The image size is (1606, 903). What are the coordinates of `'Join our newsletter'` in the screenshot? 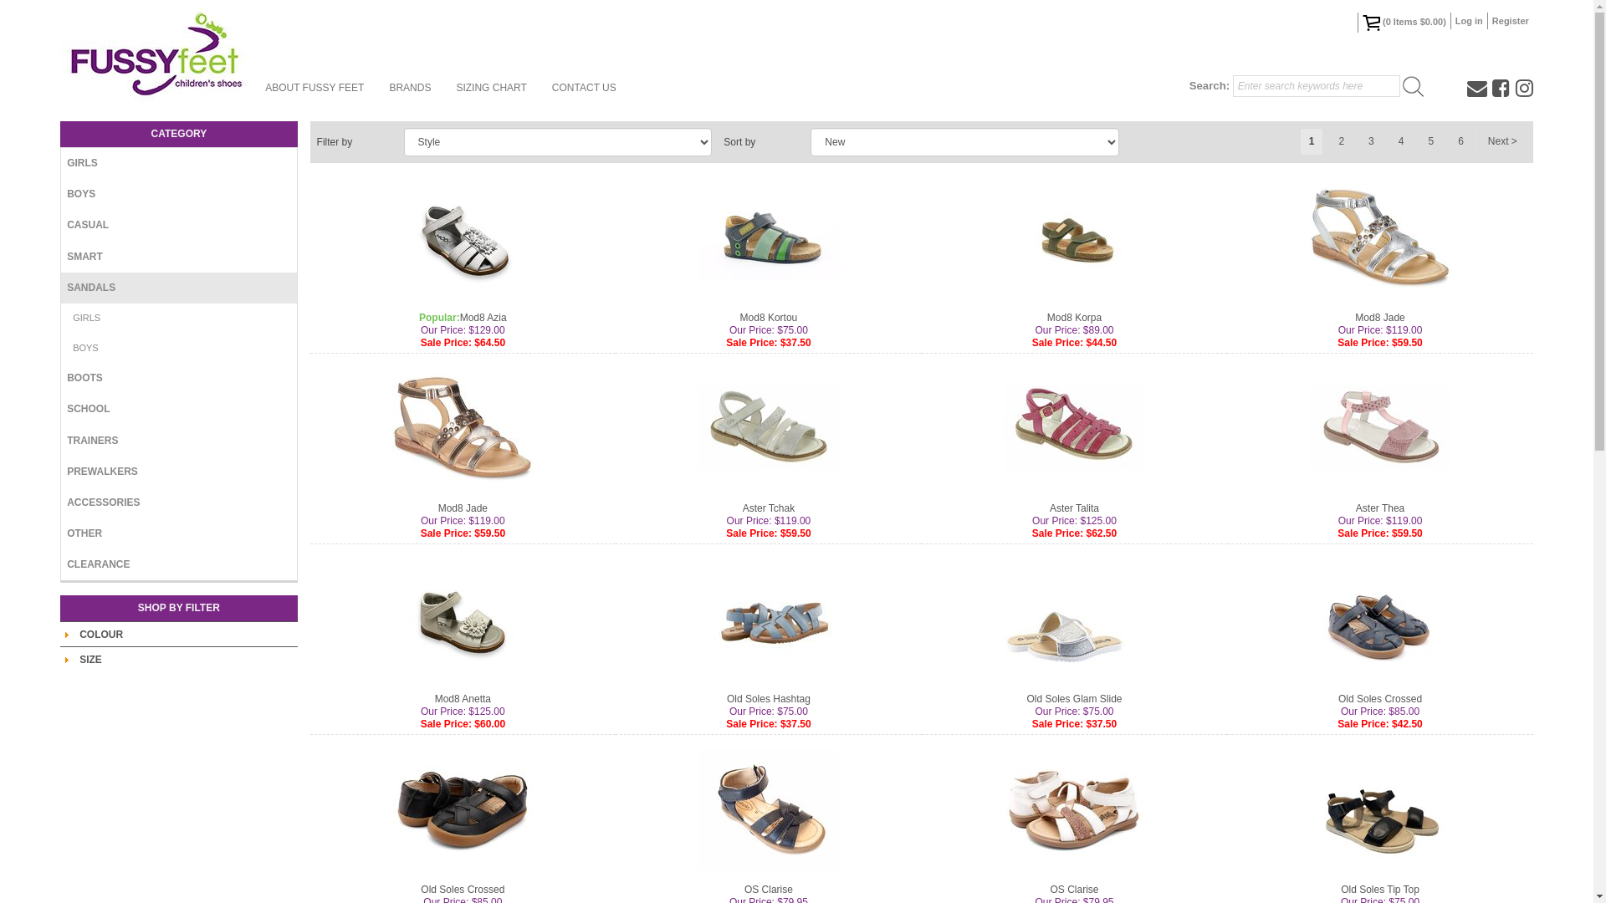 It's located at (1477, 87).